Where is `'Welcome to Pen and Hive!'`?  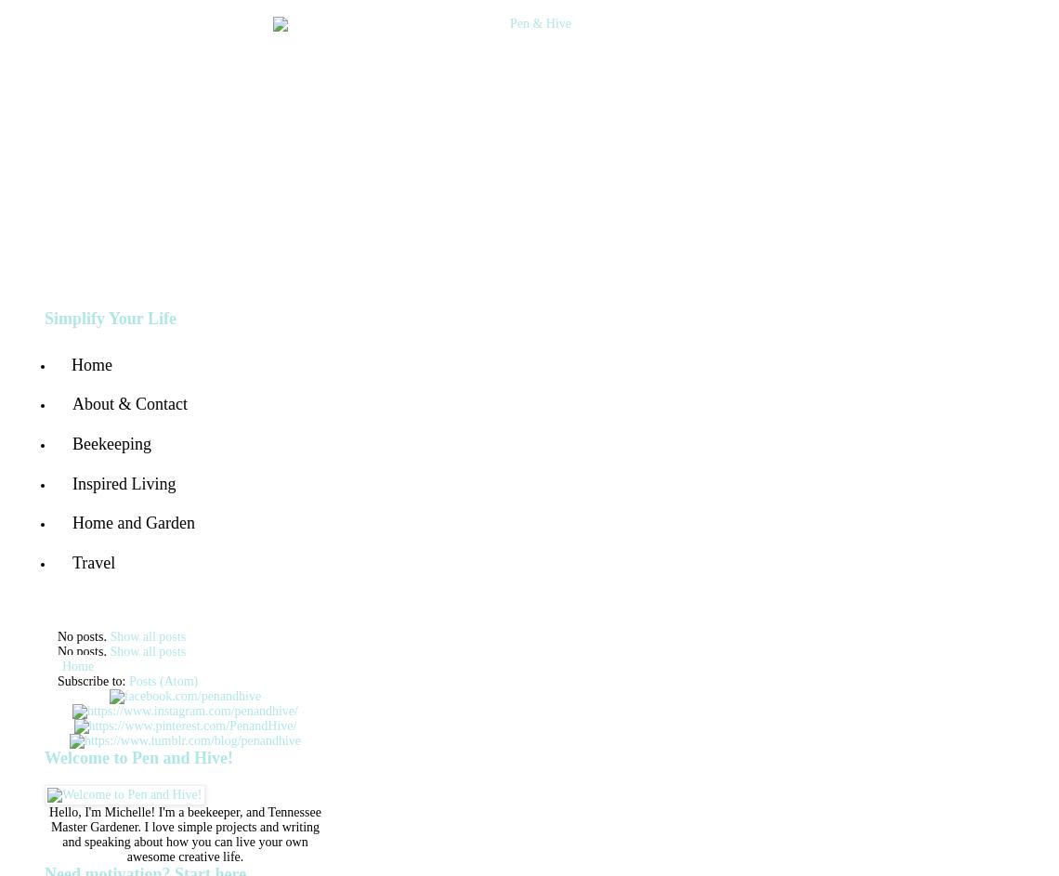
'Welcome to Pen and Hive!' is located at coordinates (137, 756).